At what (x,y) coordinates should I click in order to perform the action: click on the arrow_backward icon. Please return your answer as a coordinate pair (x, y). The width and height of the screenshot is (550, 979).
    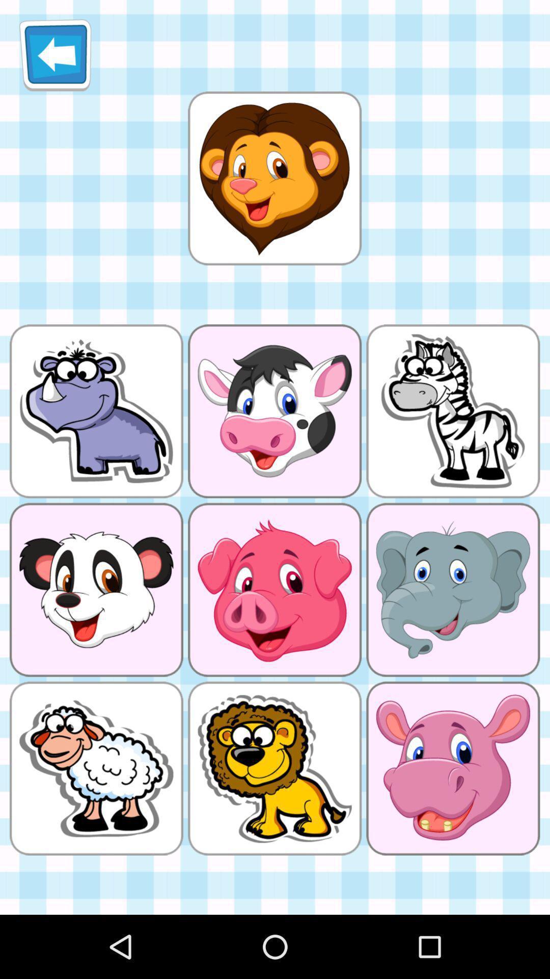
    Looking at the image, I should click on (55, 59).